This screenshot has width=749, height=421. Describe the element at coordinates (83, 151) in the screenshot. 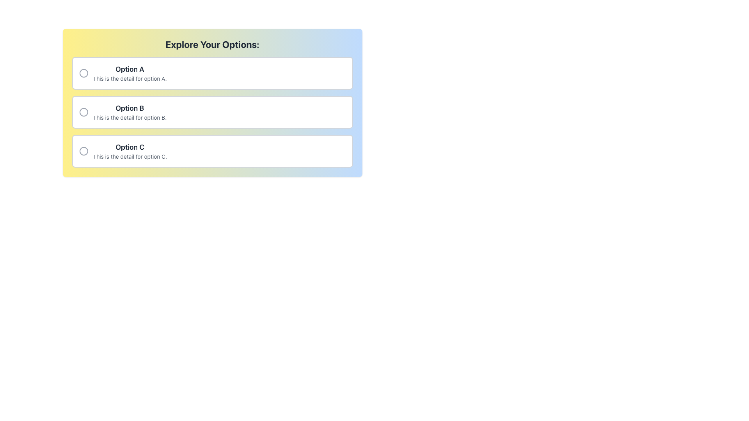

I see `the radio button indicator rendered as an SVG circle located next to the text 'Option C'` at that location.